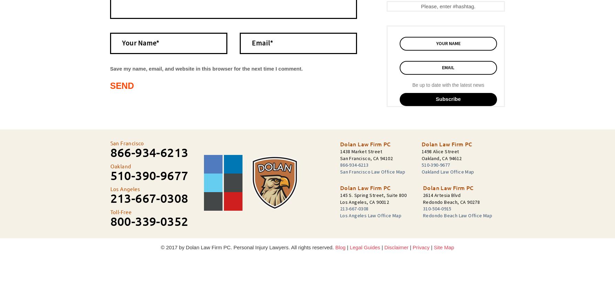  I want to click on '310-504-0915', so click(437, 208).